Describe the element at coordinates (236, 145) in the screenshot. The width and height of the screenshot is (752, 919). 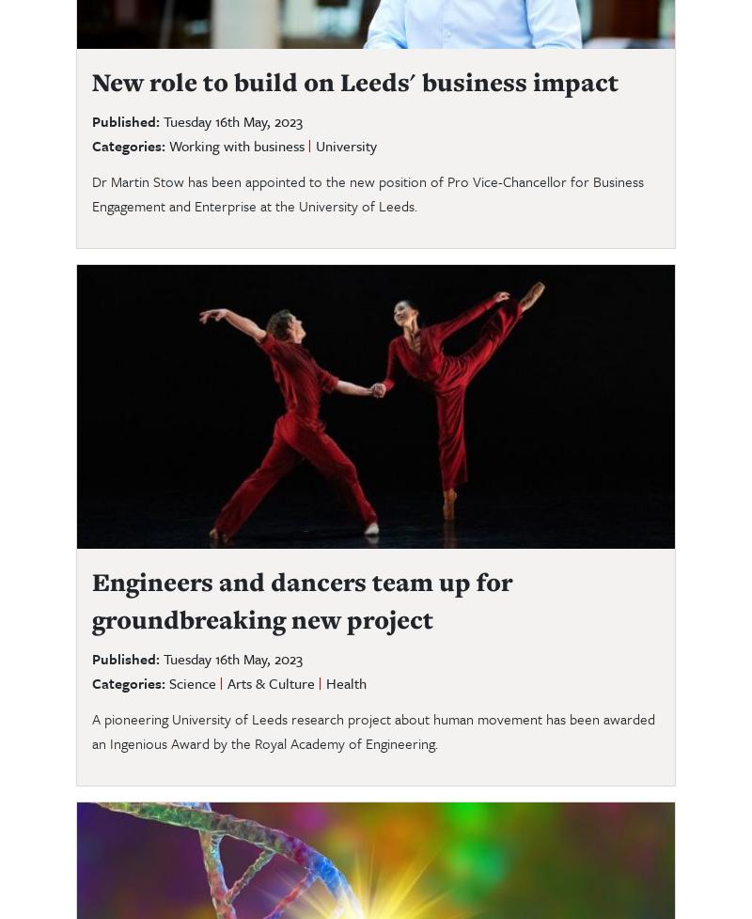
I see `'Working with business'` at that location.